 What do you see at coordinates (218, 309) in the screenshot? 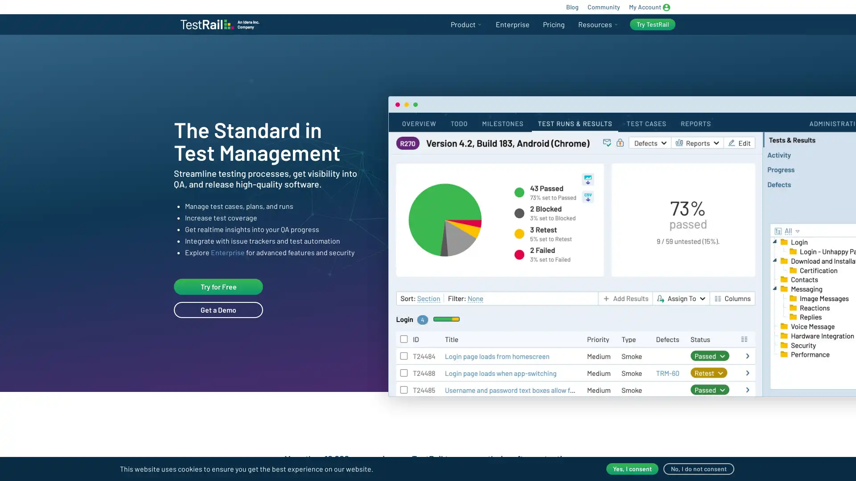
I see `Get a Demo` at bounding box center [218, 309].